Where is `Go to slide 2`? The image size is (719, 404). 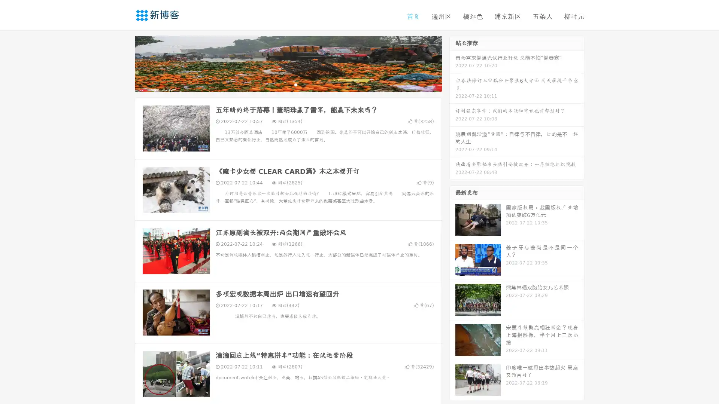
Go to slide 2 is located at coordinates (288, 84).